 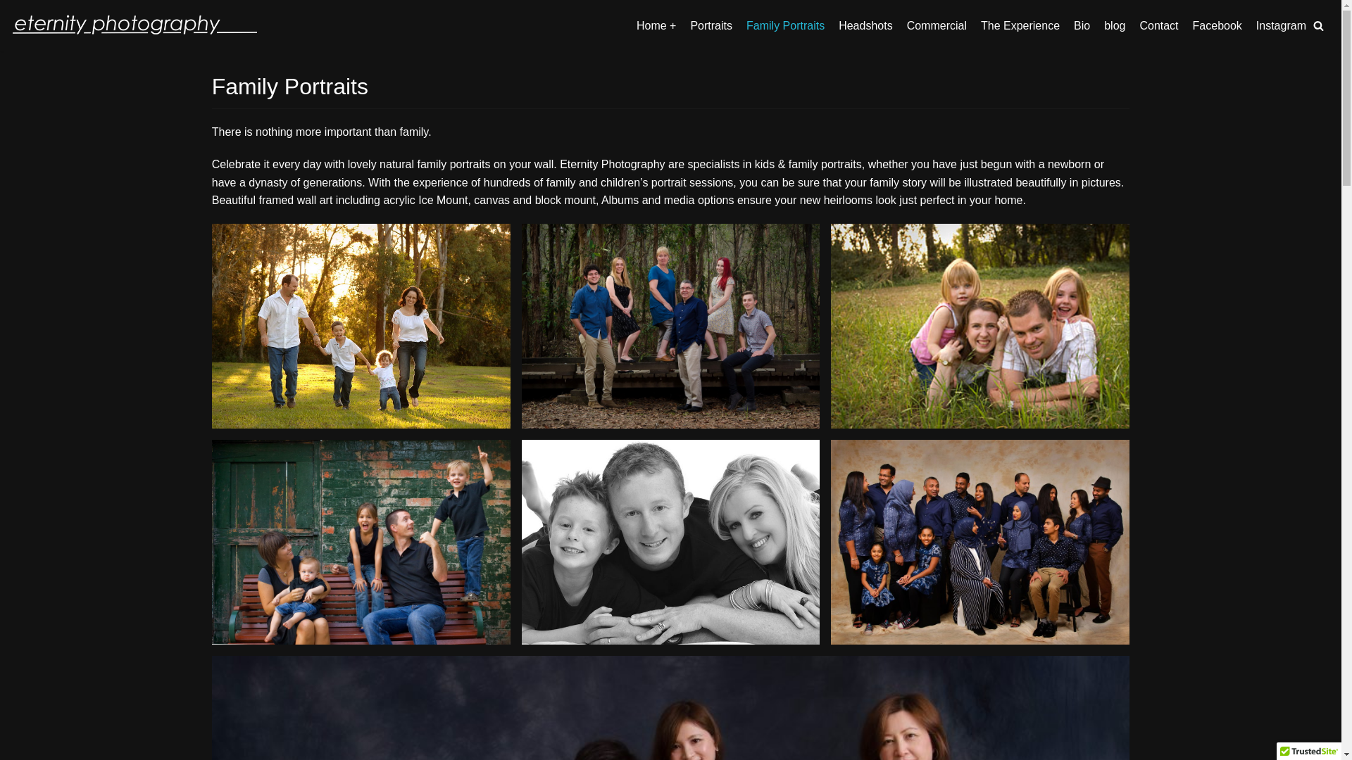 What do you see at coordinates (1281, 26) in the screenshot?
I see `'Instagram'` at bounding box center [1281, 26].